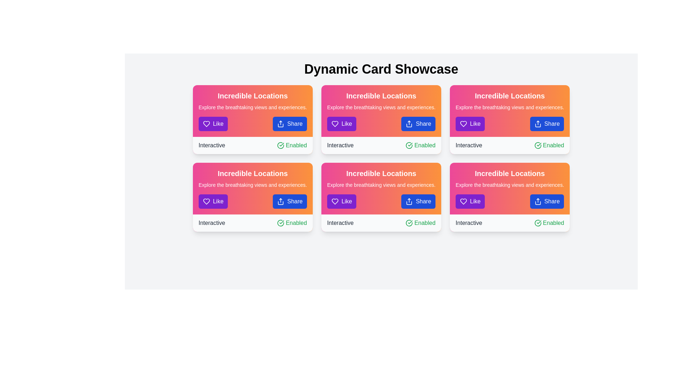 This screenshot has height=388, width=691. Describe the element at coordinates (253, 223) in the screenshot. I see `the Informational status indicator bar located in the bottom row and leftmost column of the 2x3 grid of cards, positioned below the 'Like' and 'Share' buttons` at that location.